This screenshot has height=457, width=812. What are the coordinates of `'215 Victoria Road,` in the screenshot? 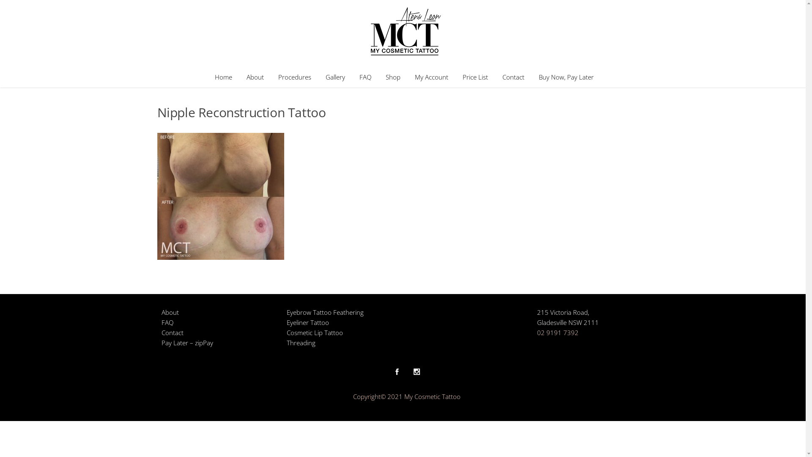 It's located at (568, 317).